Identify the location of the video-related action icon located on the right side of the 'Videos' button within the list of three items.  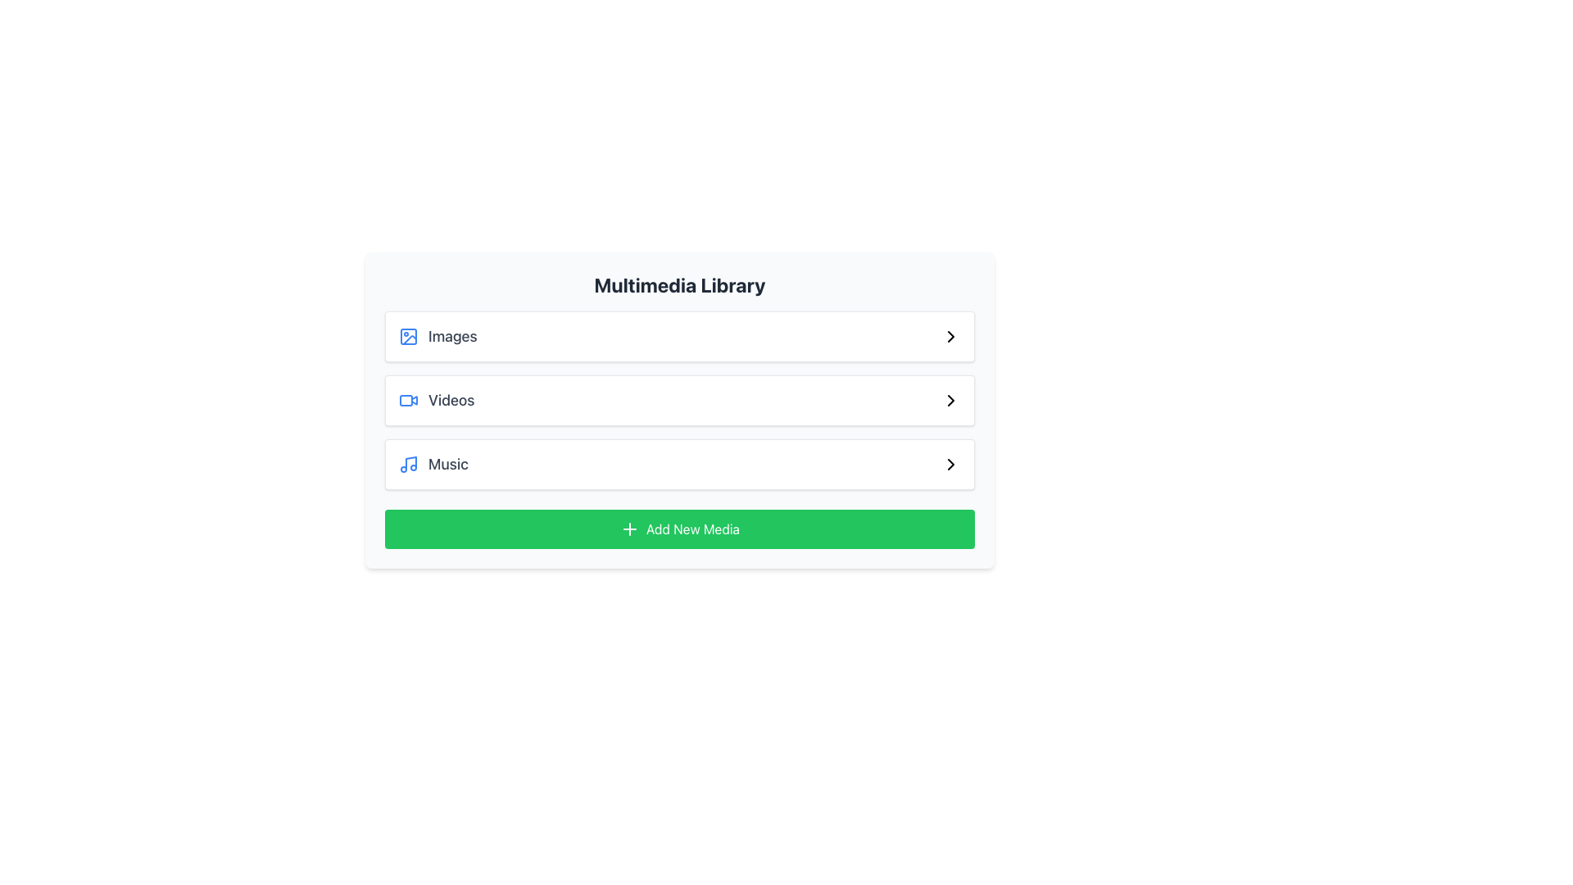
(414, 400).